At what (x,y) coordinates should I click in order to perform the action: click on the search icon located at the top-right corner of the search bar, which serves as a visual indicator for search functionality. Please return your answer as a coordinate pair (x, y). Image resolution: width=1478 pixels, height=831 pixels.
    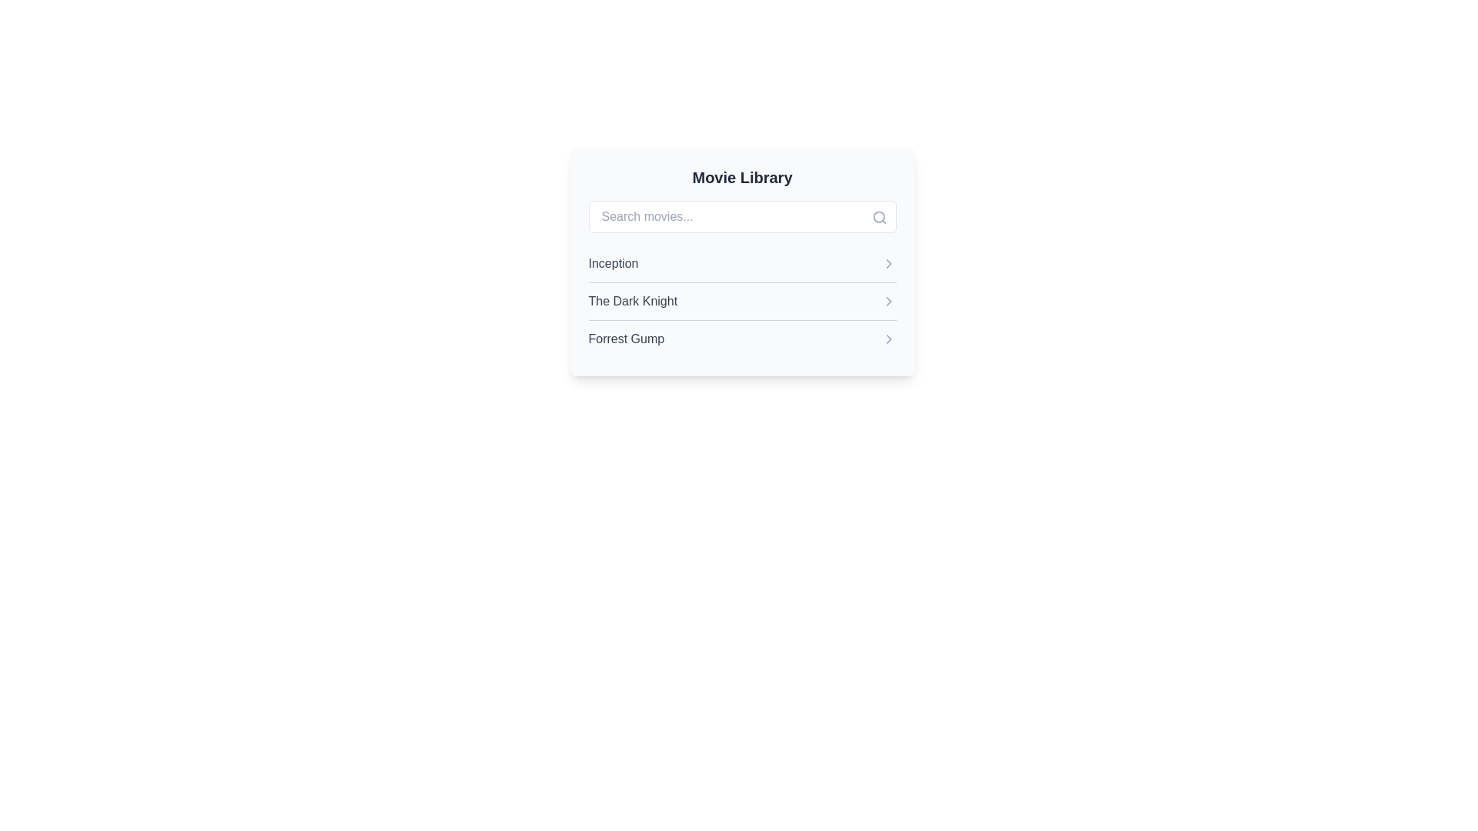
    Looking at the image, I should click on (879, 217).